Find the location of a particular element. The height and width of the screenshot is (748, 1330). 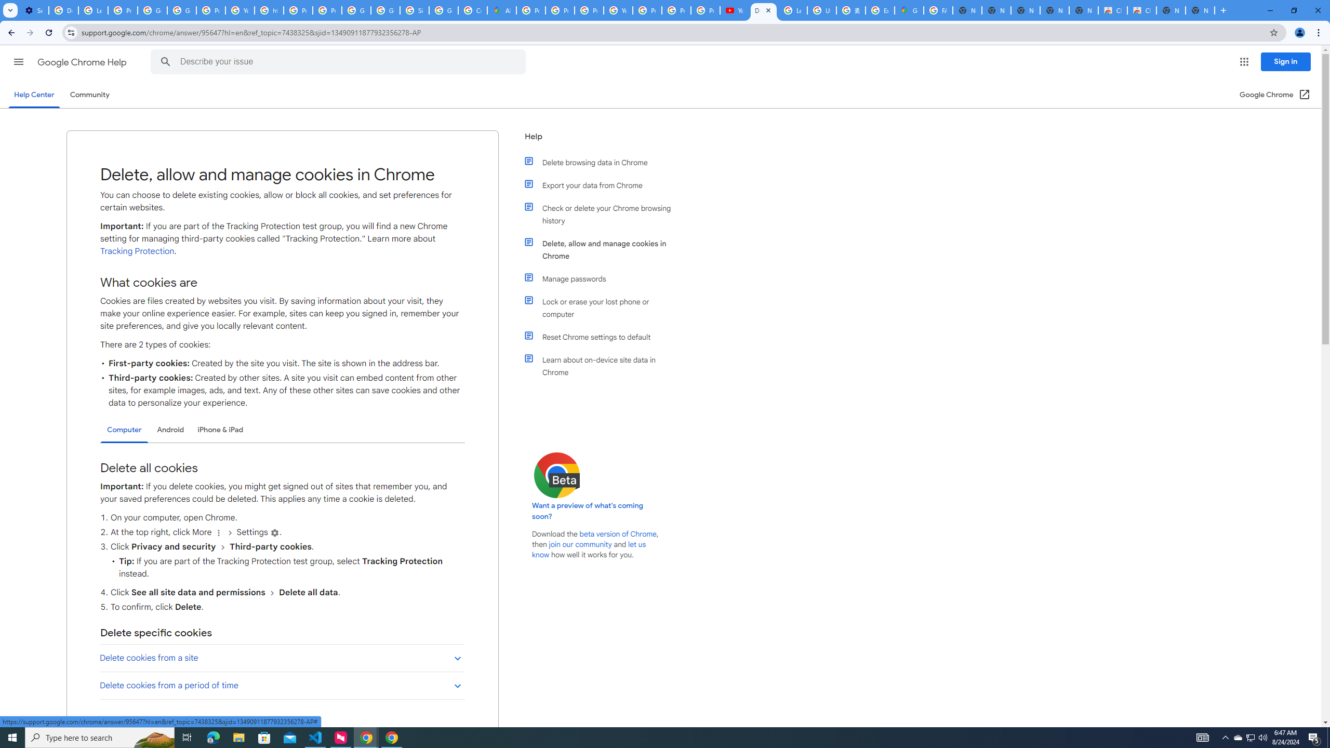

'Create your Google Account' is located at coordinates (472, 10).